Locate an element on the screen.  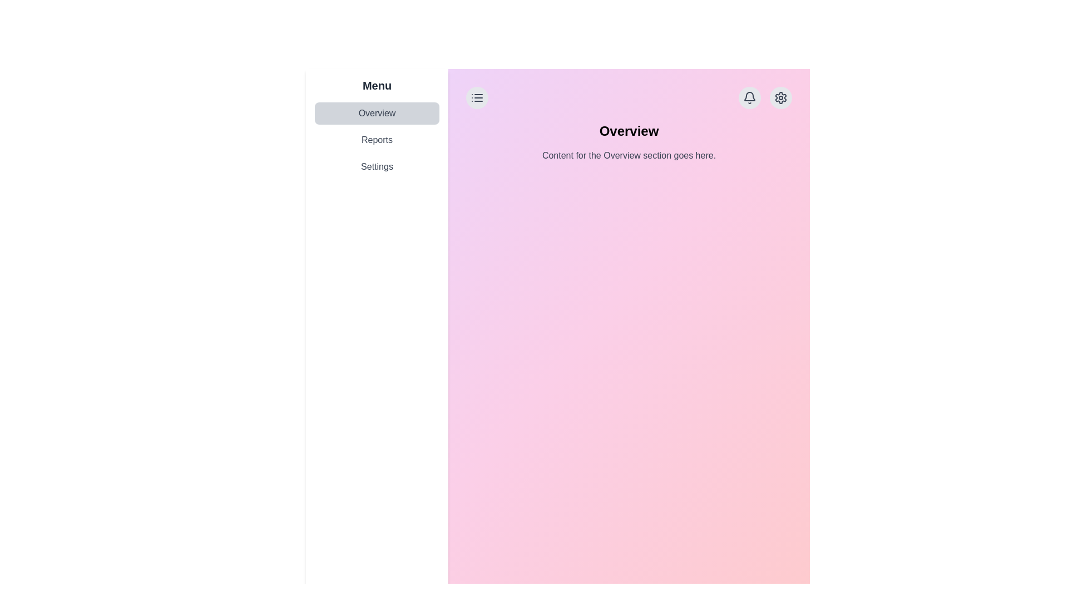
the 'Reports' menu option in the vertical list of menu items located beneath the 'Menu' title on the left sidebar is located at coordinates (377, 139).